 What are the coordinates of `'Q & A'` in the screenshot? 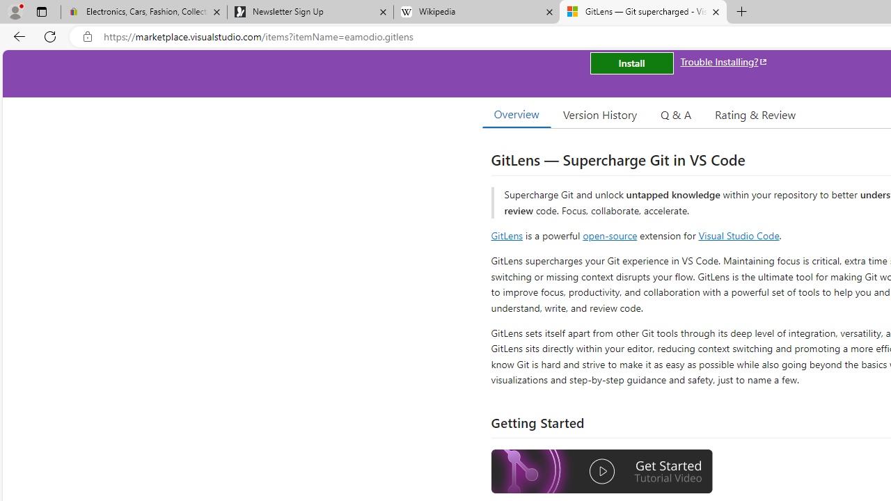 It's located at (676, 113).